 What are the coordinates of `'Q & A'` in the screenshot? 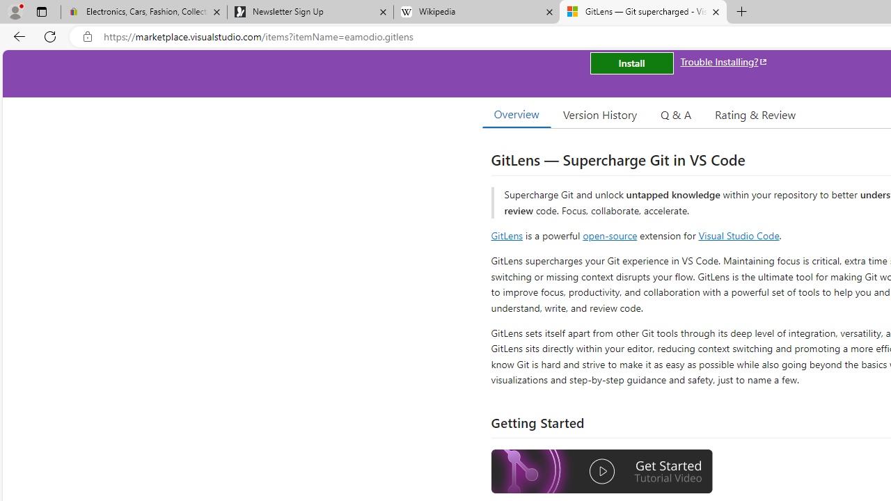 It's located at (676, 113).